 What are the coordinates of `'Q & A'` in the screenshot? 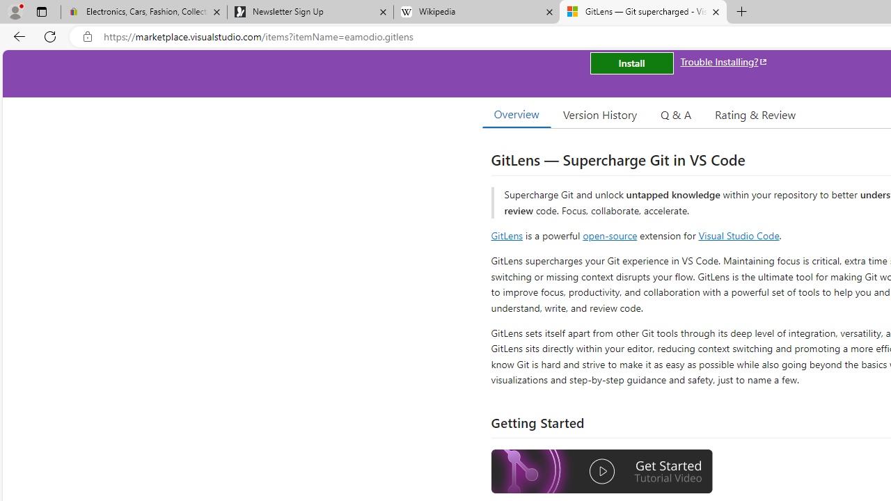 It's located at (676, 113).